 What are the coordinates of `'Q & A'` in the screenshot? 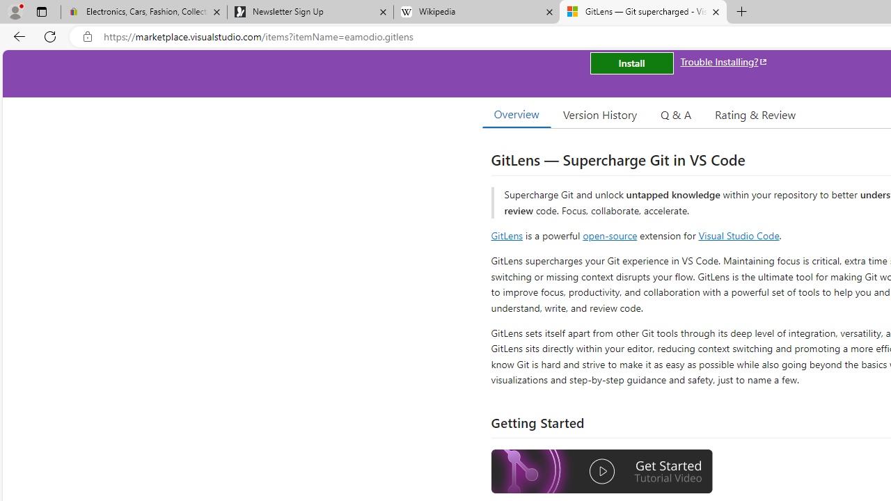 It's located at (676, 113).